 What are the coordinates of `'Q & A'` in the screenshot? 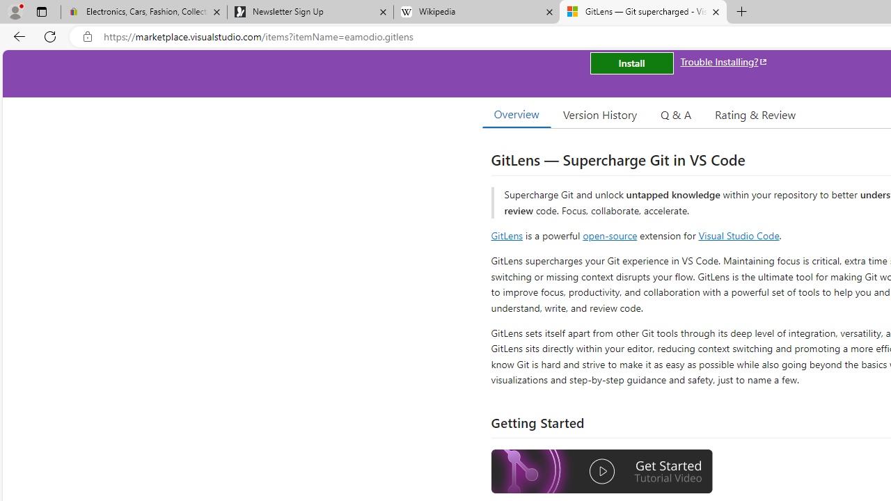 It's located at (676, 113).